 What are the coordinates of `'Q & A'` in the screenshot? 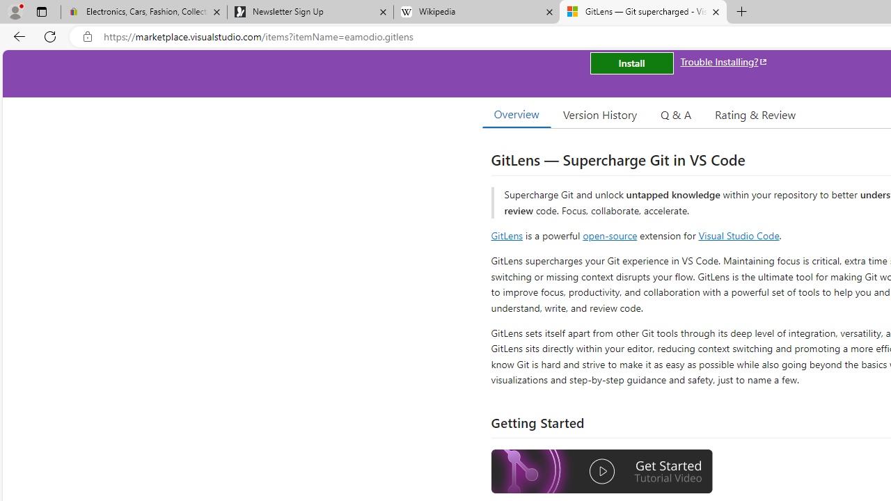 It's located at (676, 113).